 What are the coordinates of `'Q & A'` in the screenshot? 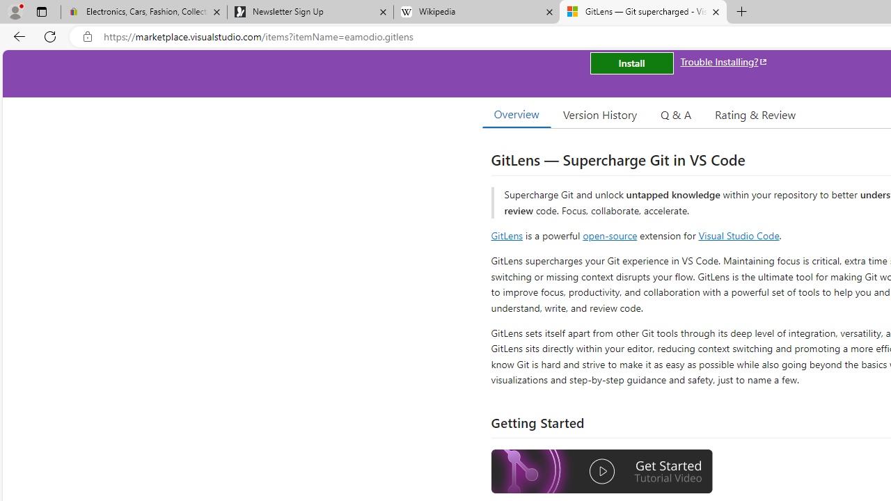 It's located at (676, 113).